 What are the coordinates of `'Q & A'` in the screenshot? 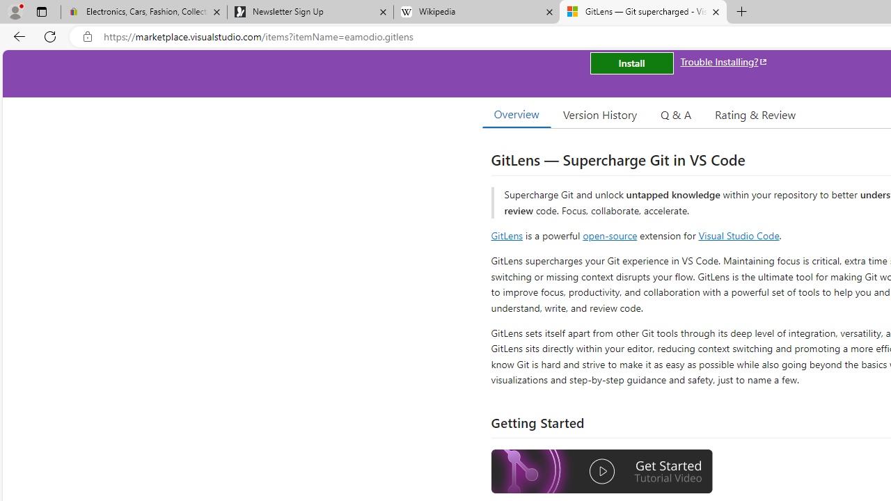 It's located at (676, 113).